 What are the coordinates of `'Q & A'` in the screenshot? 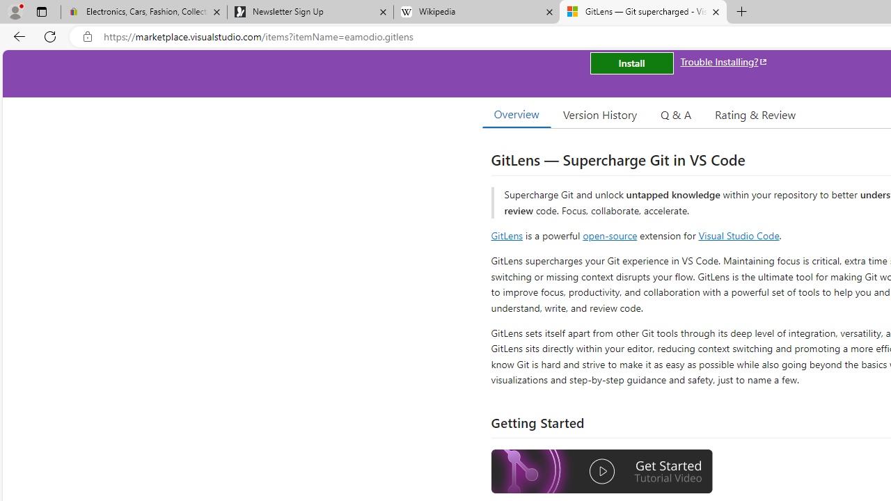 It's located at (676, 113).